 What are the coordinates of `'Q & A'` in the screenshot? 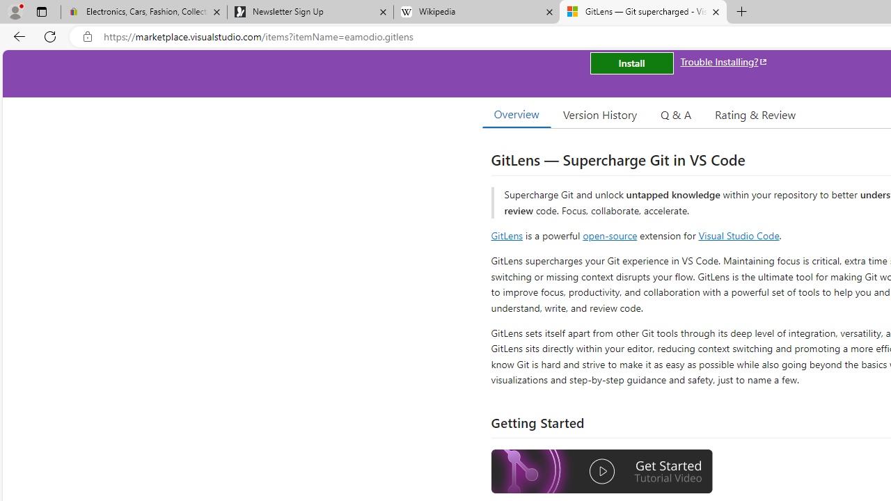 It's located at (676, 113).